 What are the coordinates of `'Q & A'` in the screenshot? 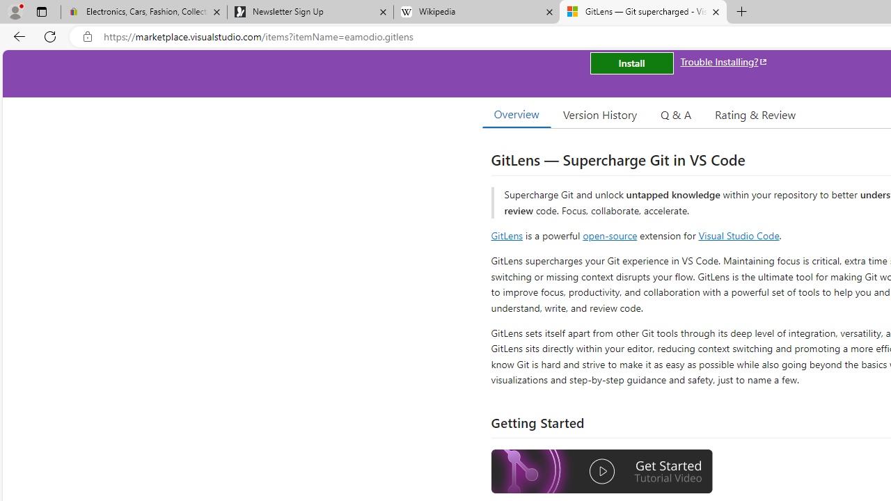 It's located at (676, 113).